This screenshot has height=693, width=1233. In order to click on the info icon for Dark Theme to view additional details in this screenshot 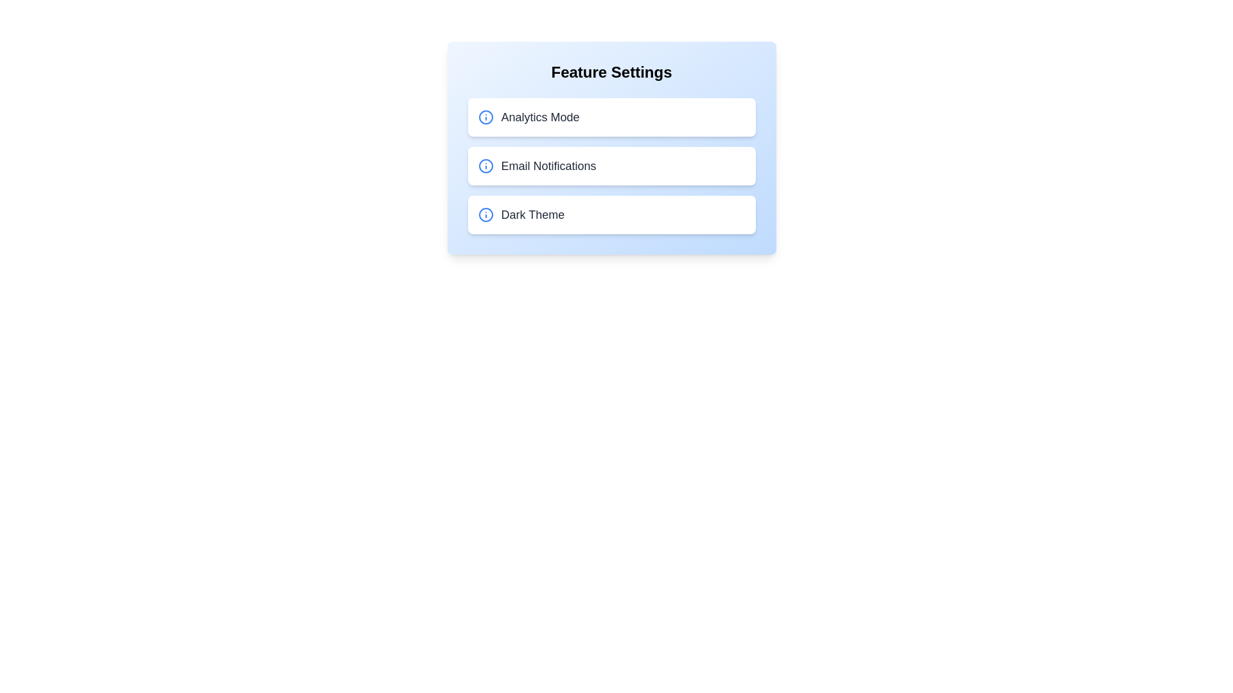, I will do `click(485, 214)`.